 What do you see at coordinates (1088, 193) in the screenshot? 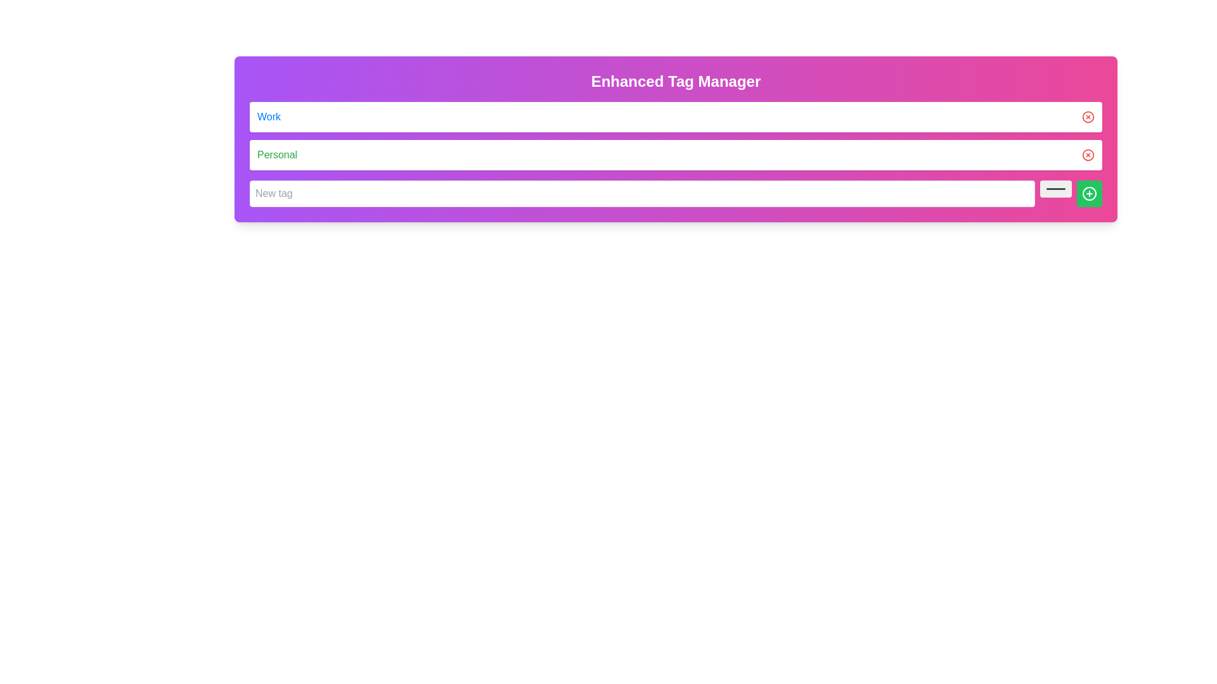
I see `the circular icon within the green square button located in the bottom-right corner of the main central widget, which is associated with adding or creating items` at bounding box center [1088, 193].